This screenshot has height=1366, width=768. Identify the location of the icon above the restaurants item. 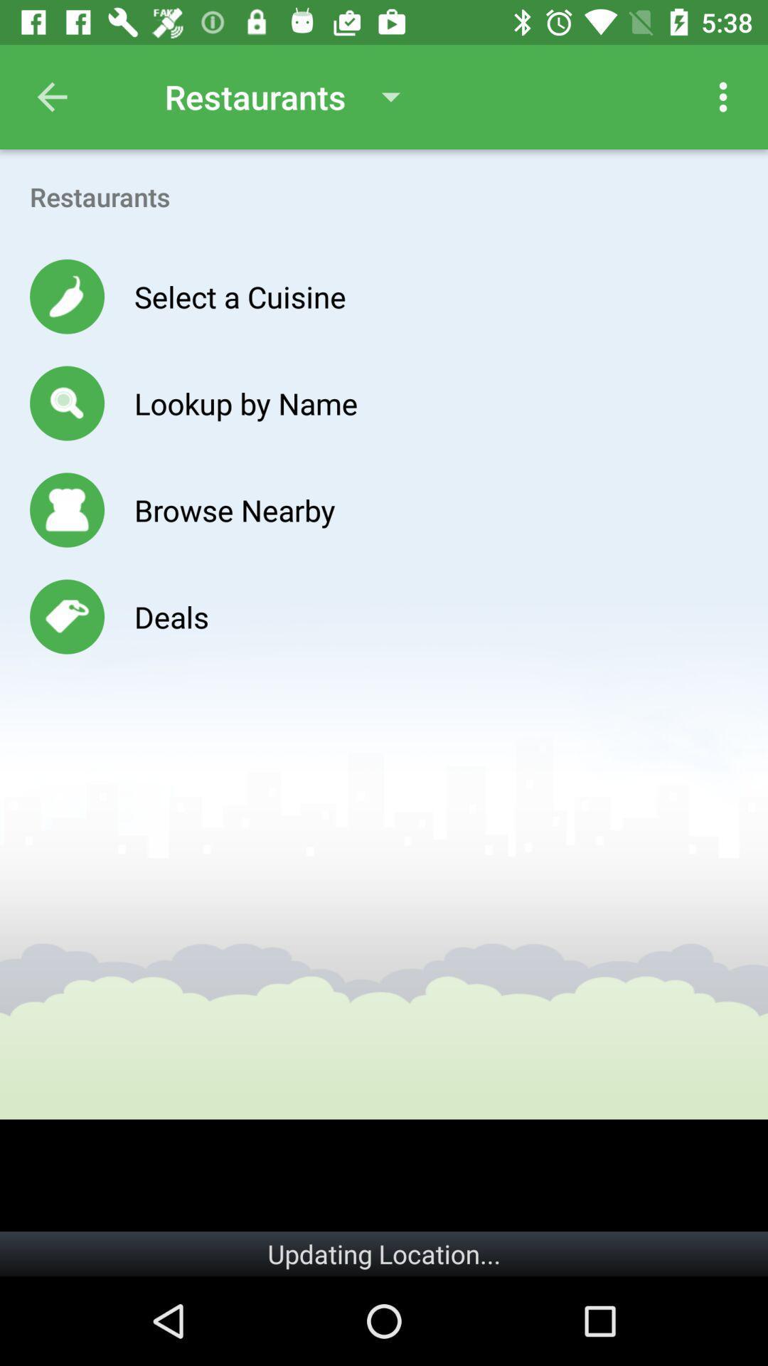
(723, 96).